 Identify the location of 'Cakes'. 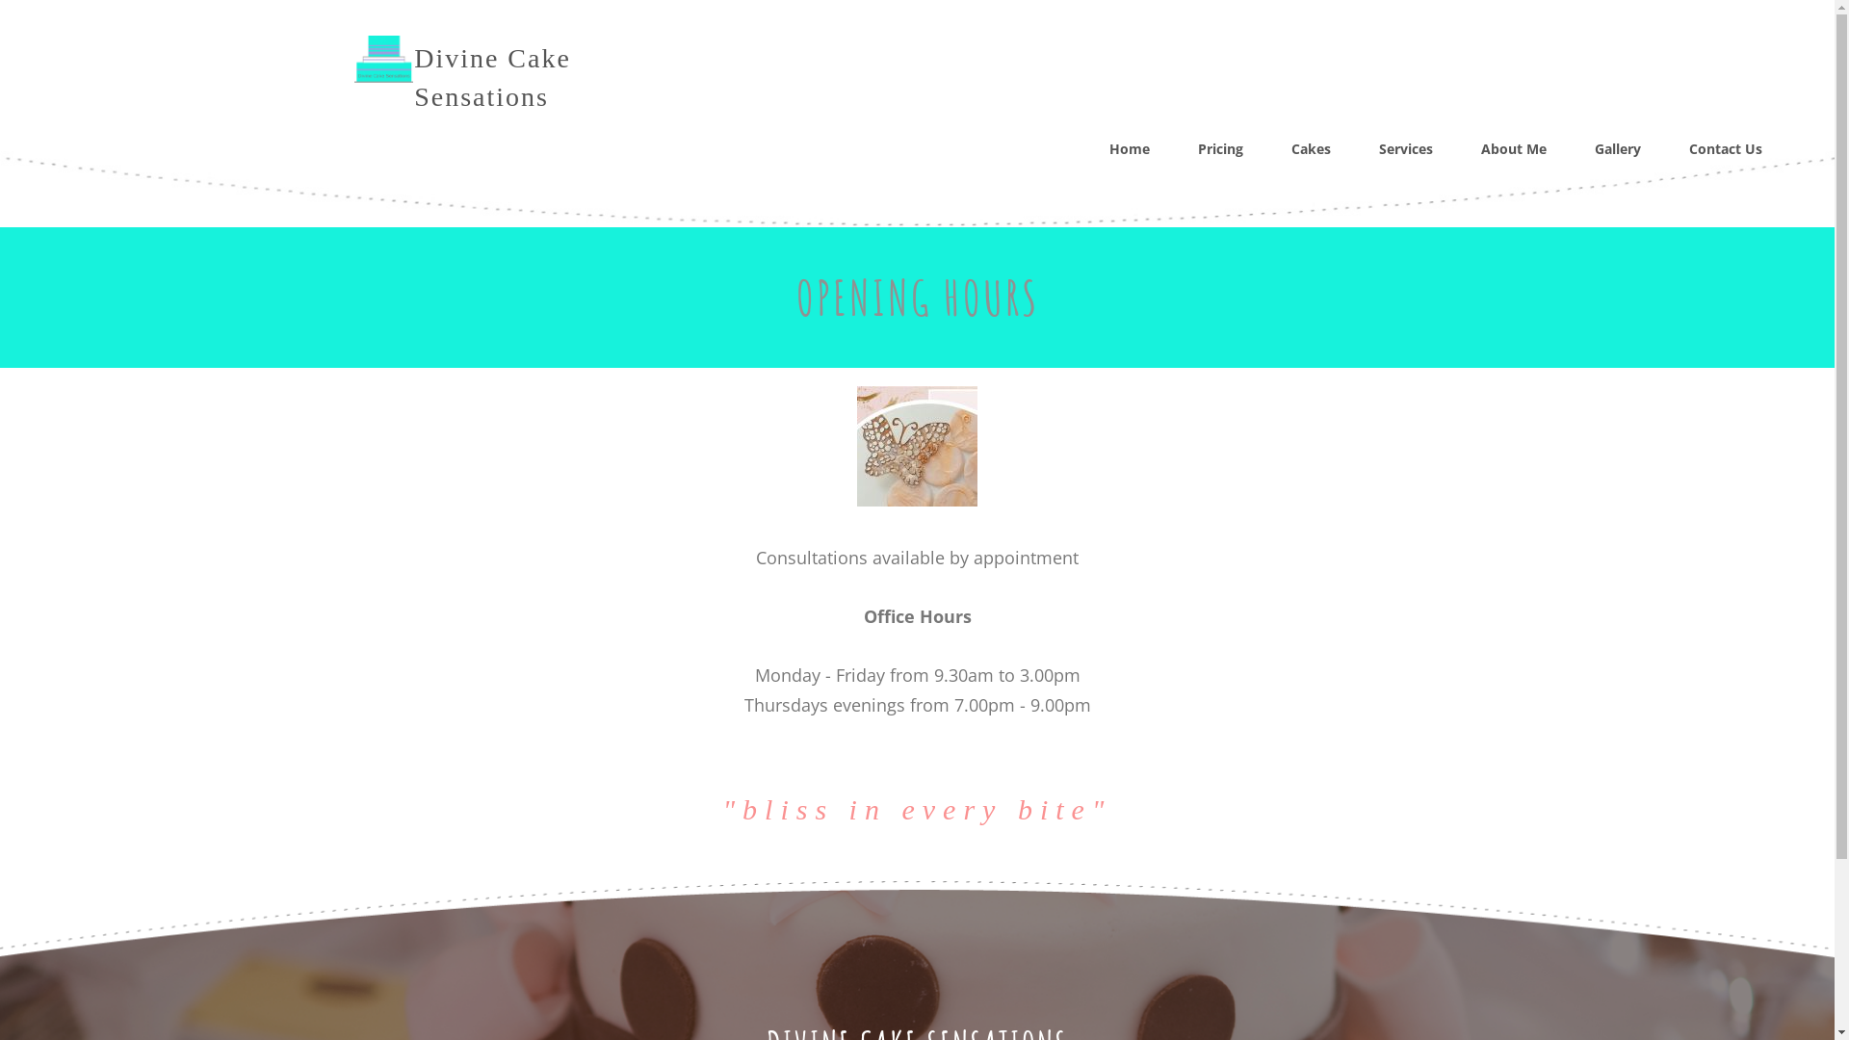
(1310, 147).